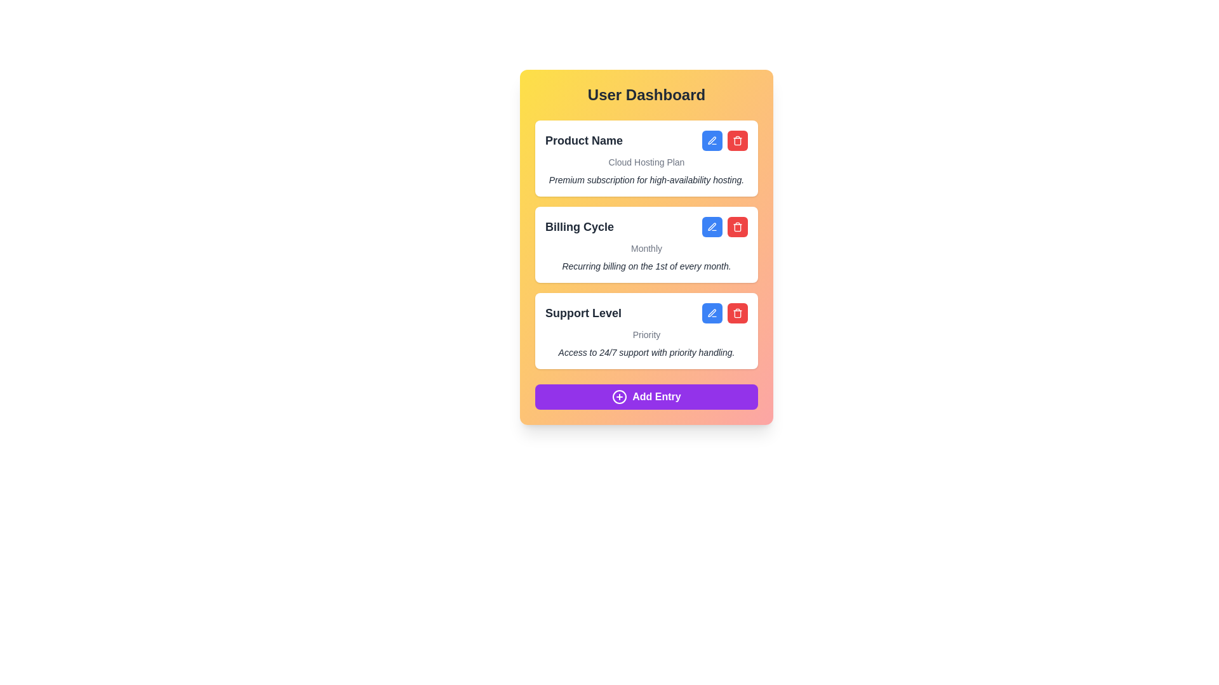  Describe the element at coordinates (620, 396) in the screenshot. I see `the circular outline of the 'Add Entry' button icon` at that location.